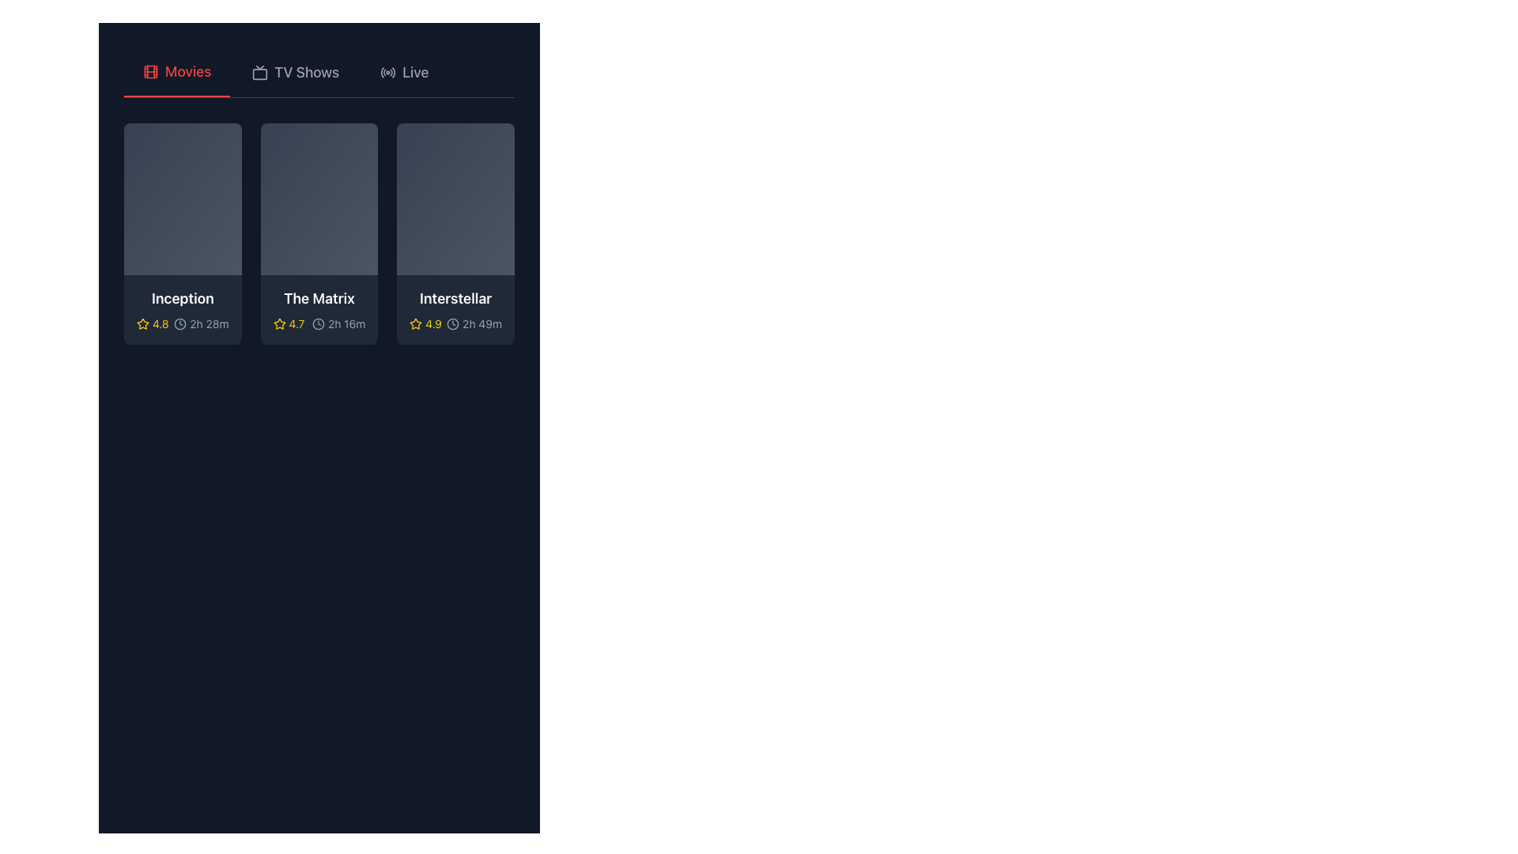 The width and height of the screenshot is (1518, 854). What do you see at coordinates (200, 323) in the screenshot?
I see `the Label with the clock icon that displays '2h 28m', located in the first card item under the 'Movies' category, to the right of the rating '4.8' and below the title 'Inception'` at bounding box center [200, 323].